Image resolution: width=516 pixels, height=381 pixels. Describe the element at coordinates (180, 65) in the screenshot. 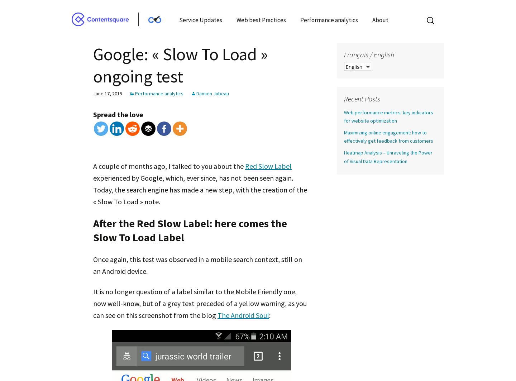

I see `'Google: « Slow To Load » ongoing test'` at that location.